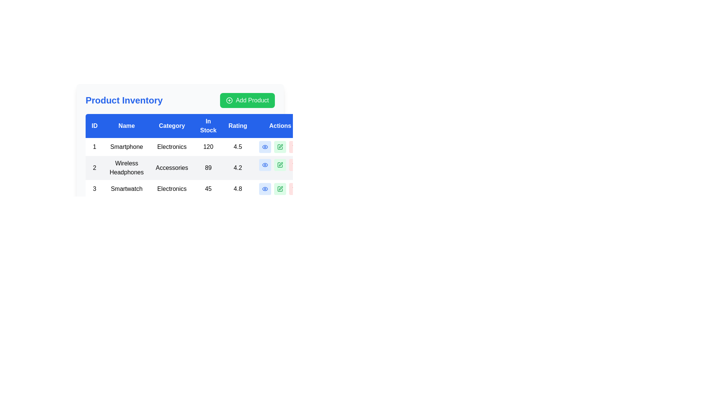 Image resolution: width=721 pixels, height=405 pixels. Describe the element at coordinates (281, 146) in the screenshot. I see `the edit icon located in the 'Actions' column of the third row for the 'Smartwatch' entry to initiate an edit action` at that location.